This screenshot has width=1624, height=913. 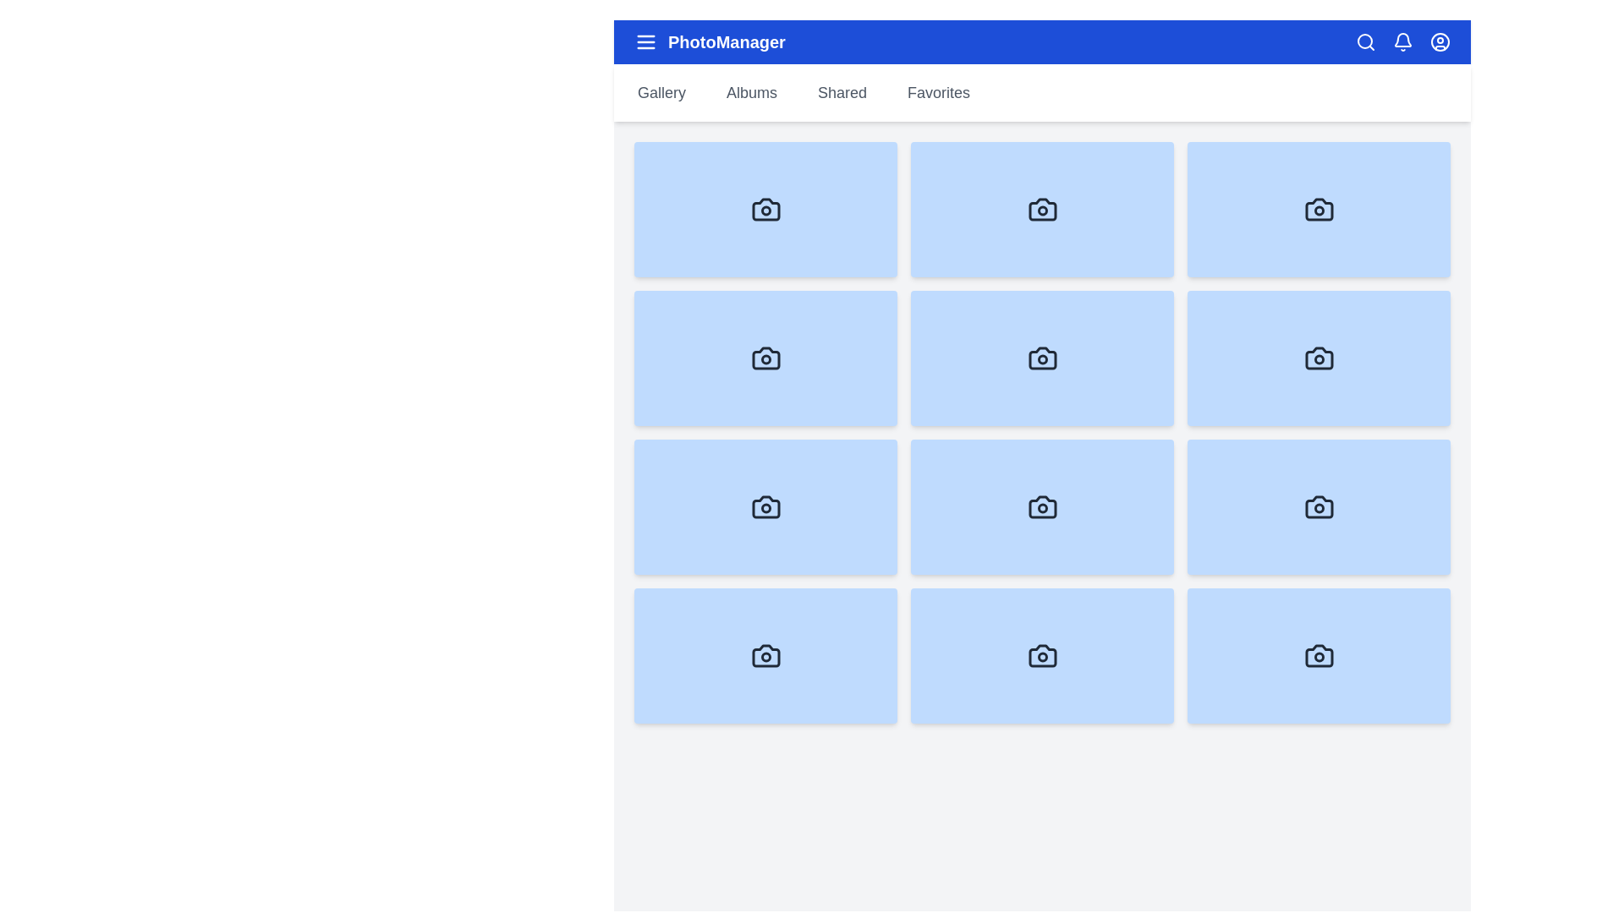 What do you see at coordinates (661, 93) in the screenshot?
I see `the navigation option Gallery` at bounding box center [661, 93].